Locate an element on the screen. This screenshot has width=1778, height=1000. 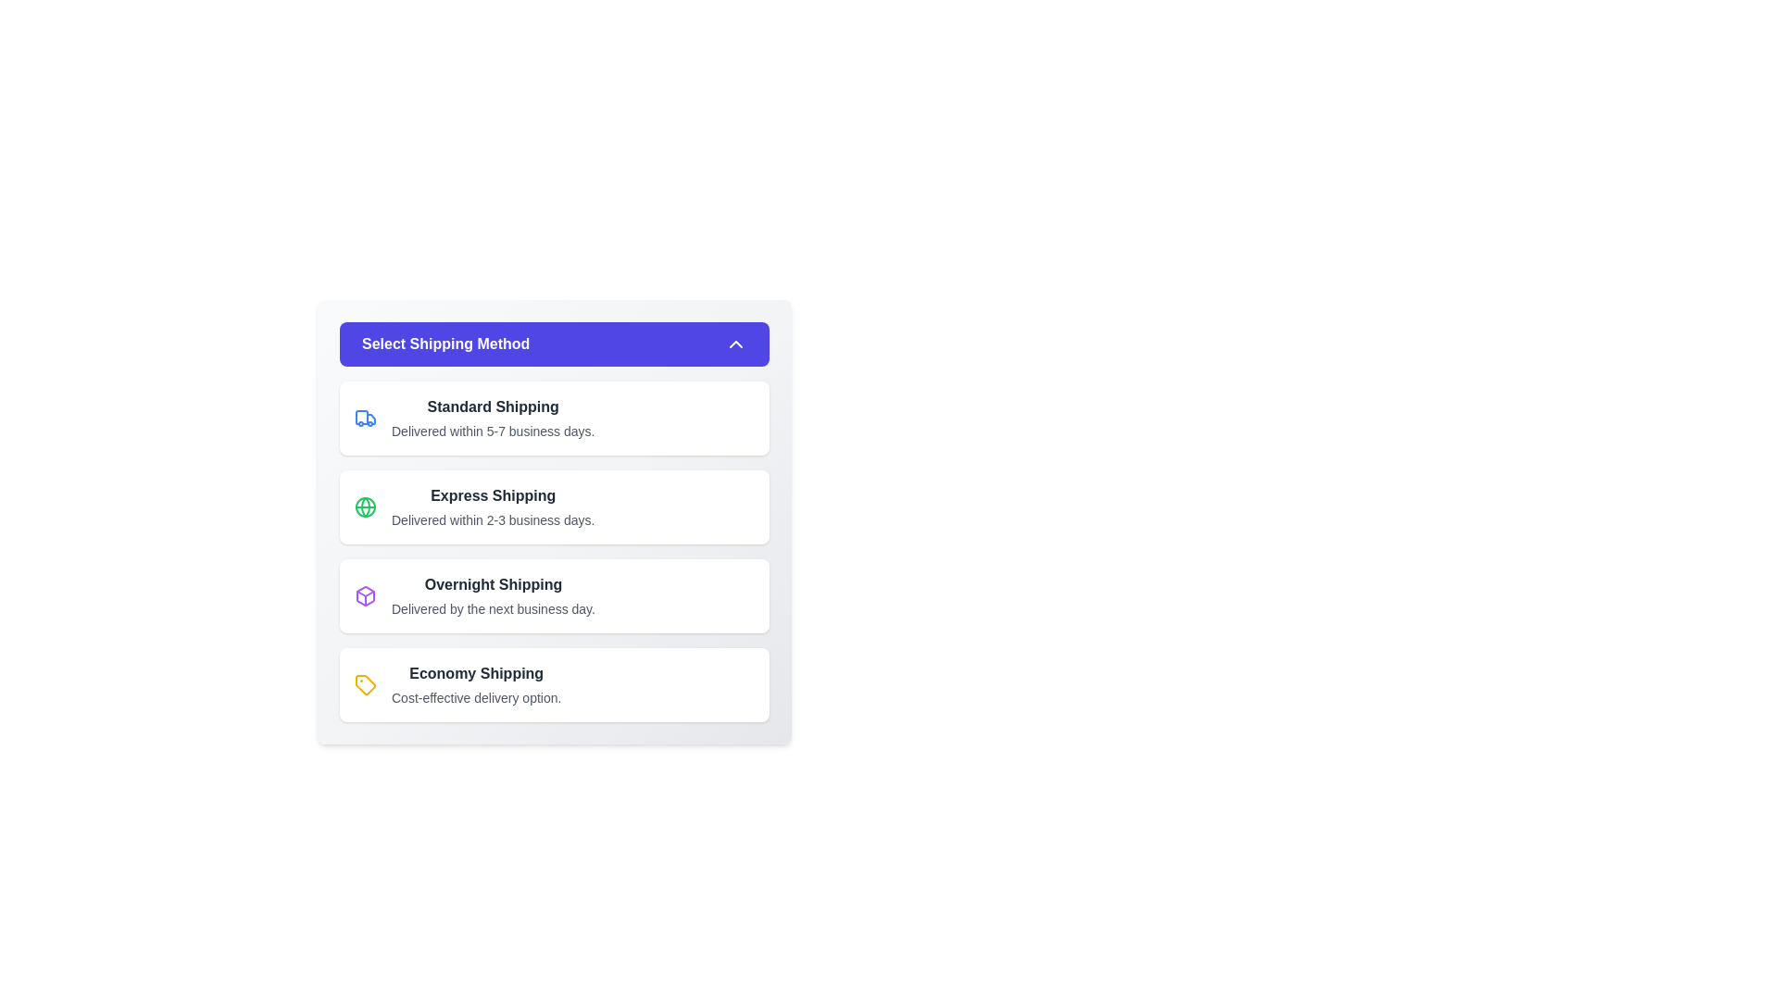
Text Label that serves as the header for the 'Standard Shipping' option, located at the top of the shipping methods list is located at coordinates (493, 406).